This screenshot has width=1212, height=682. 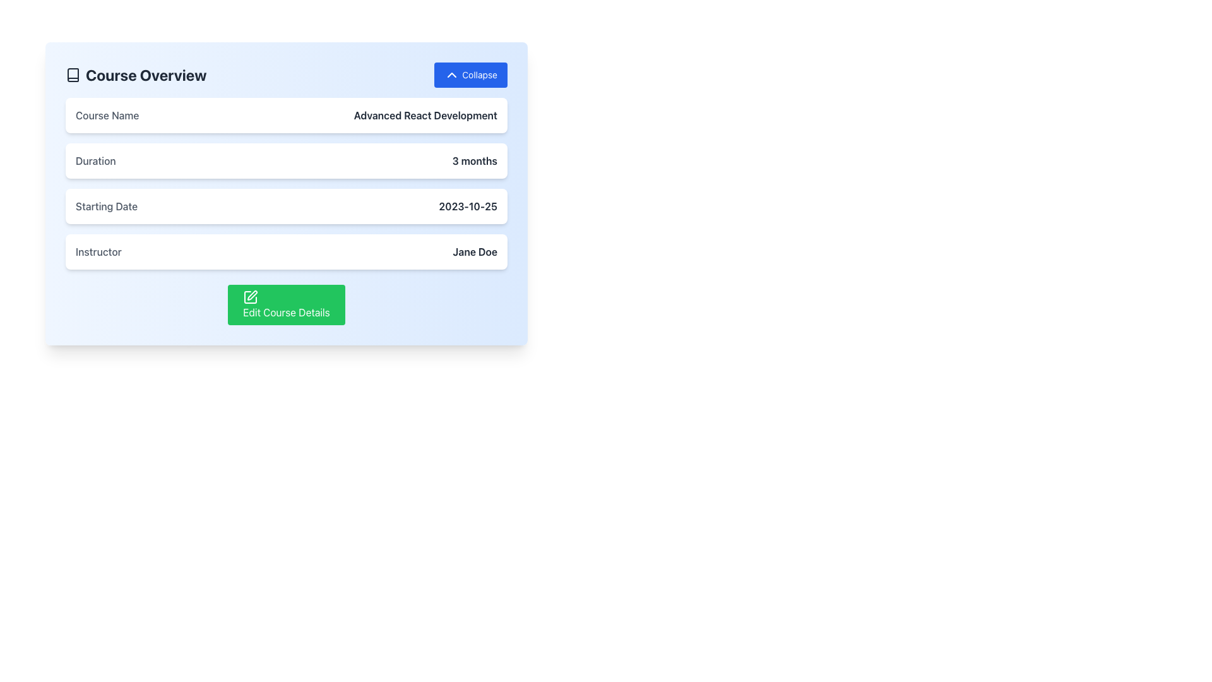 I want to click on the icon located within the green button at the bottom center of the panel, next to the text label, so click(x=251, y=297).